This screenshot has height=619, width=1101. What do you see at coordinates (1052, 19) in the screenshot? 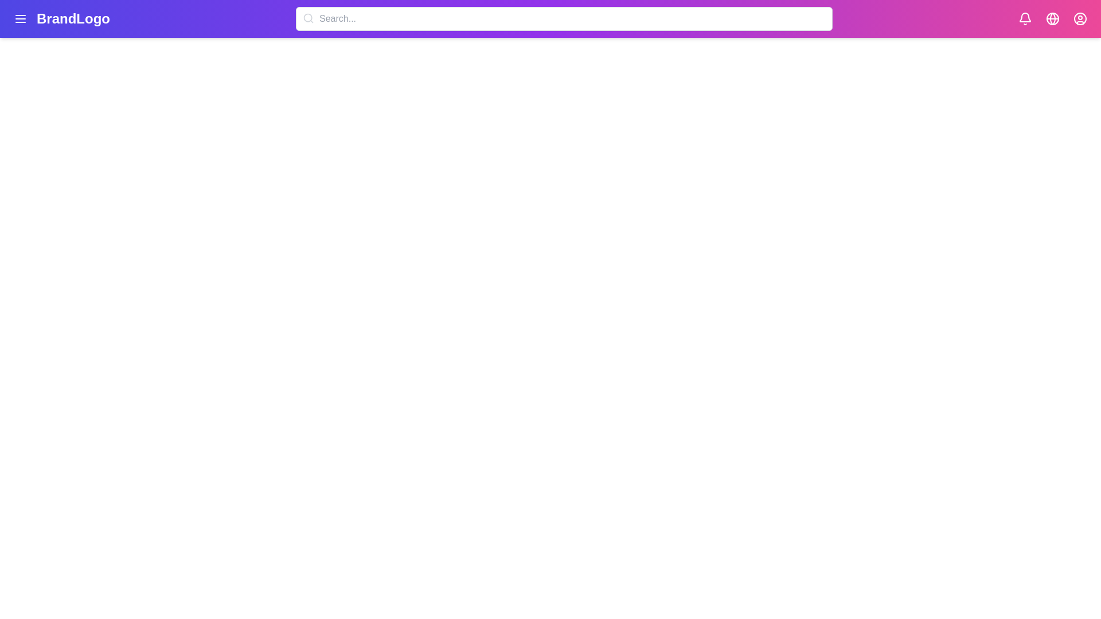
I see `the global settings or language selection icon located in the navigation bar at the top-right corner, between the bell and user icons` at bounding box center [1052, 19].